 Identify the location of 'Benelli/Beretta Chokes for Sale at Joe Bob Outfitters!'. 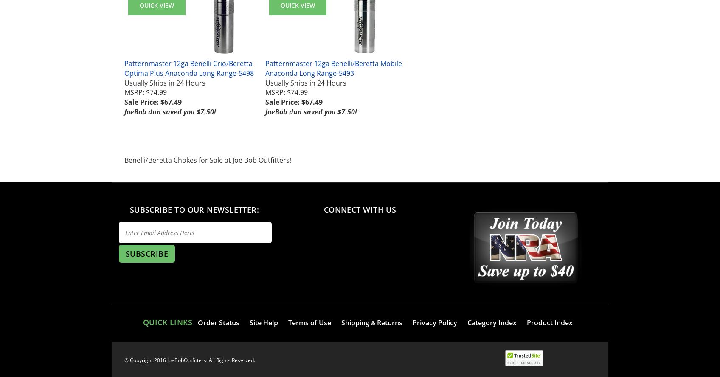
(208, 159).